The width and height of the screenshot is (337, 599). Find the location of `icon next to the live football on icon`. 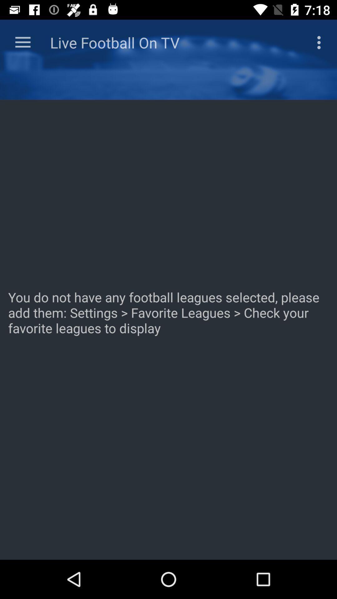

icon next to the live football on icon is located at coordinates (22, 42).